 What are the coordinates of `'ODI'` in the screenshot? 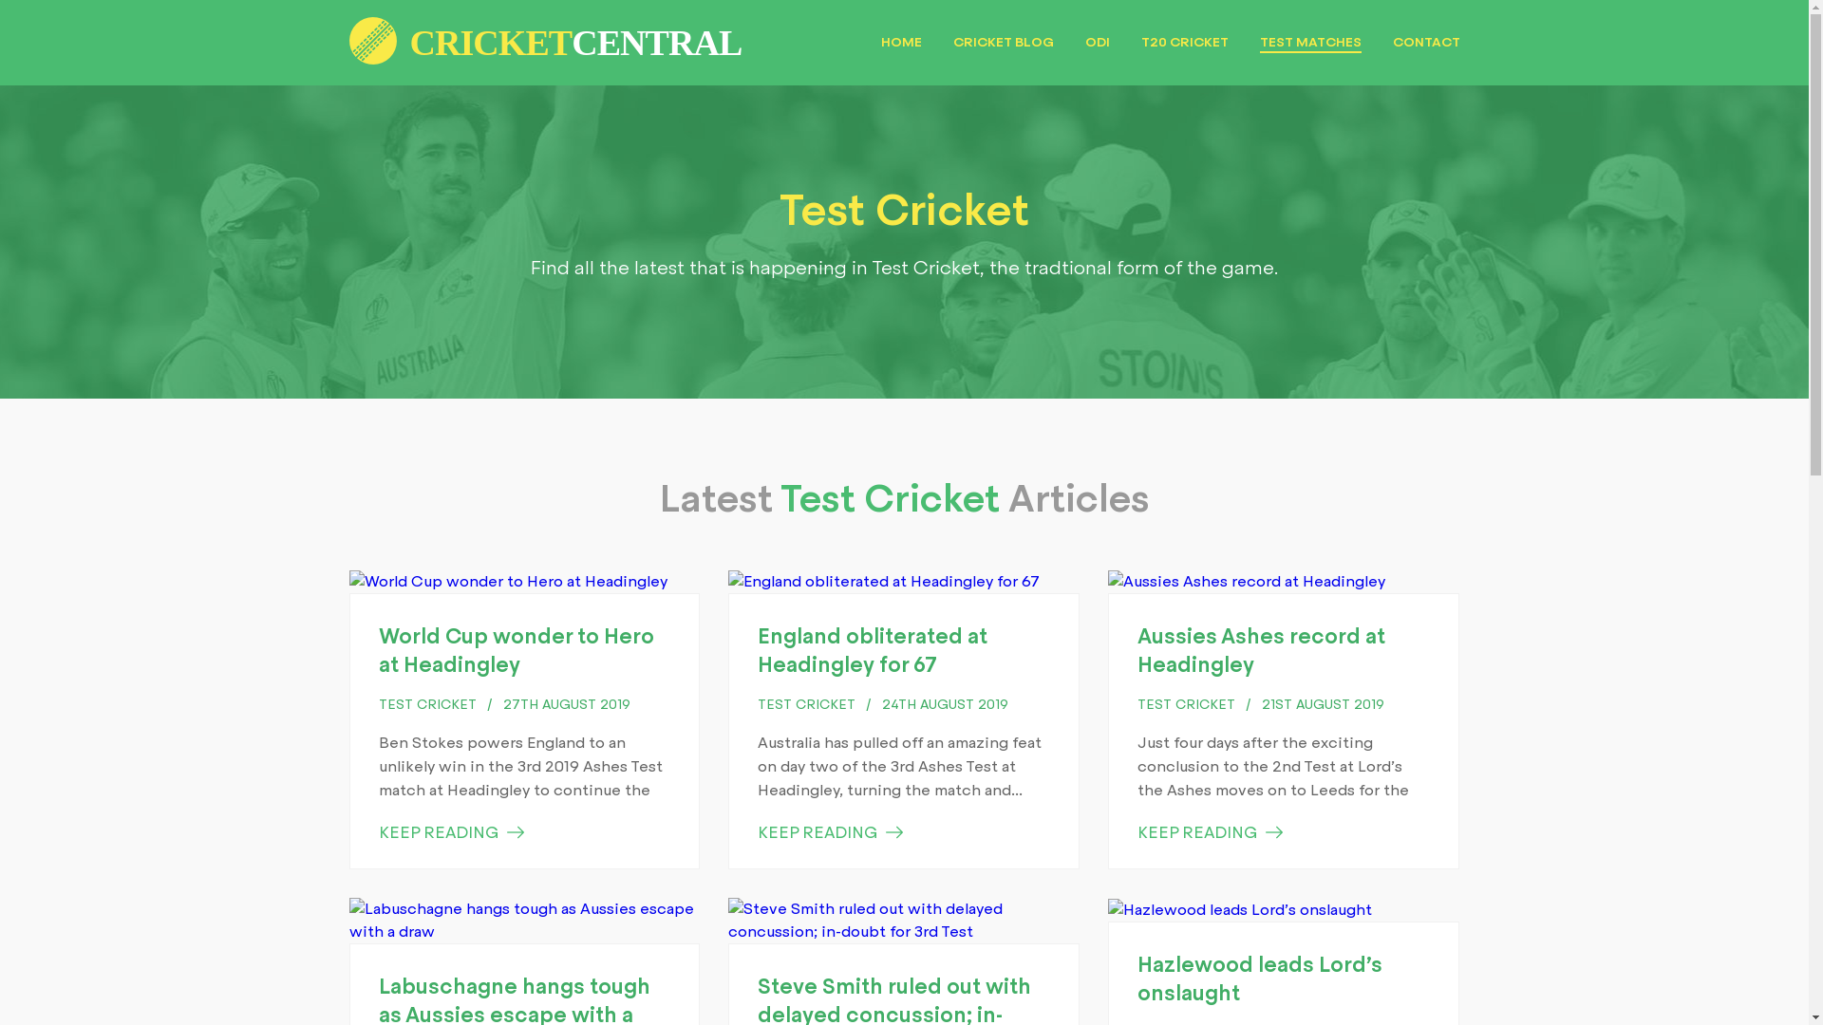 It's located at (1097, 41).